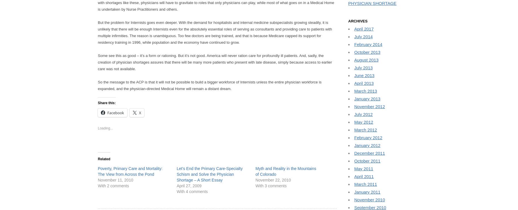 The image size is (518, 210). What do you see at coordinates (106, 102) in the screenshot?
I see `'Share this:'` at bounding box center [106, 102].